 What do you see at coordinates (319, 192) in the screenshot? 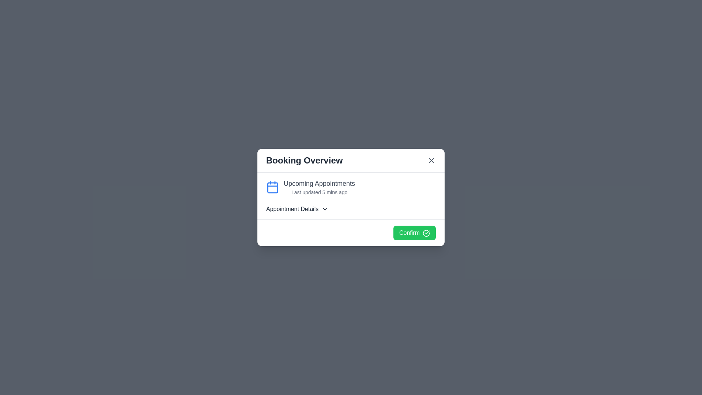
I see `static text label that says 'Last updated 5 mins ago', which is styled in a smaller gray font and located below the 'Upcoming Appointments' heading in the 'Booking Overview' modal` at bounding box center [319, 192].